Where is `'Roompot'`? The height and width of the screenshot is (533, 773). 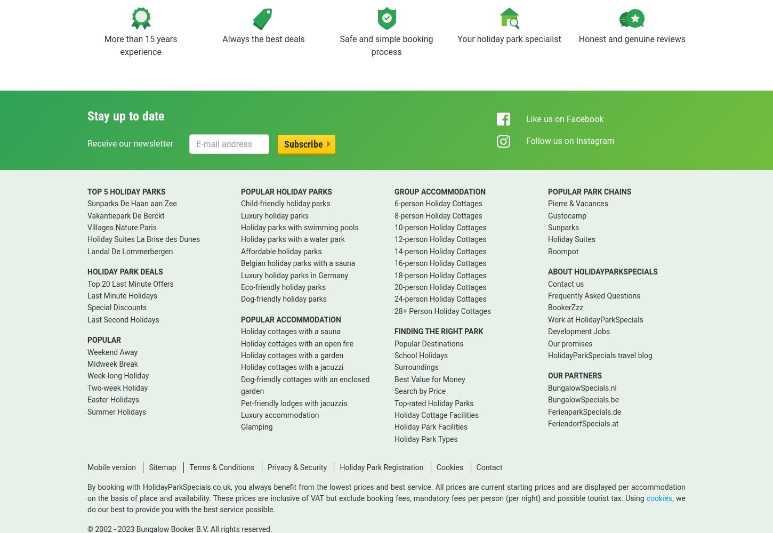 'Roompot' is located at coordinates (563, 251).